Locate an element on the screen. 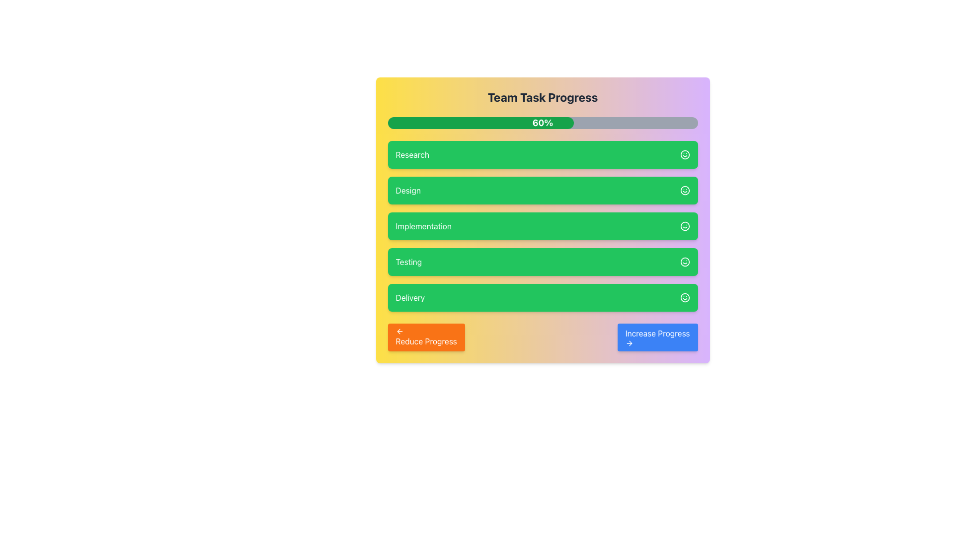 This screenshot has height=536, width=954. the SVG Circle that represents the smiley face icon adjacent to the 'Design' list item, which is located on the green background of the 'Design' task entry is located at coordinates (684, 155).